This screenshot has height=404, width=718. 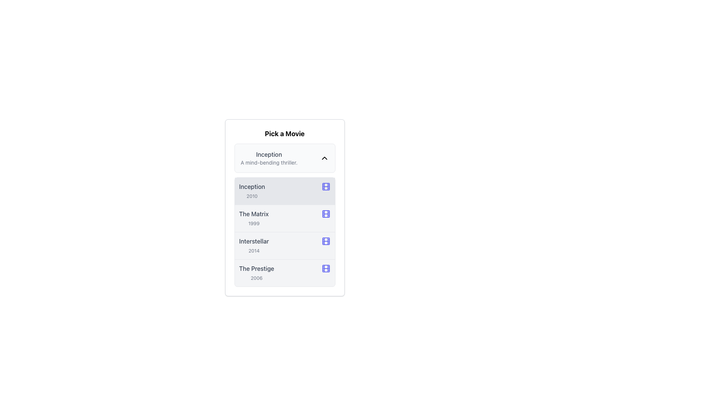 What do you see at coordinates (254, 214) in the screenshot?
I see `the static text element that serves as a title for a movie item, positioned below 'Inception' and above '1999'` at bounding box center [254, 214].